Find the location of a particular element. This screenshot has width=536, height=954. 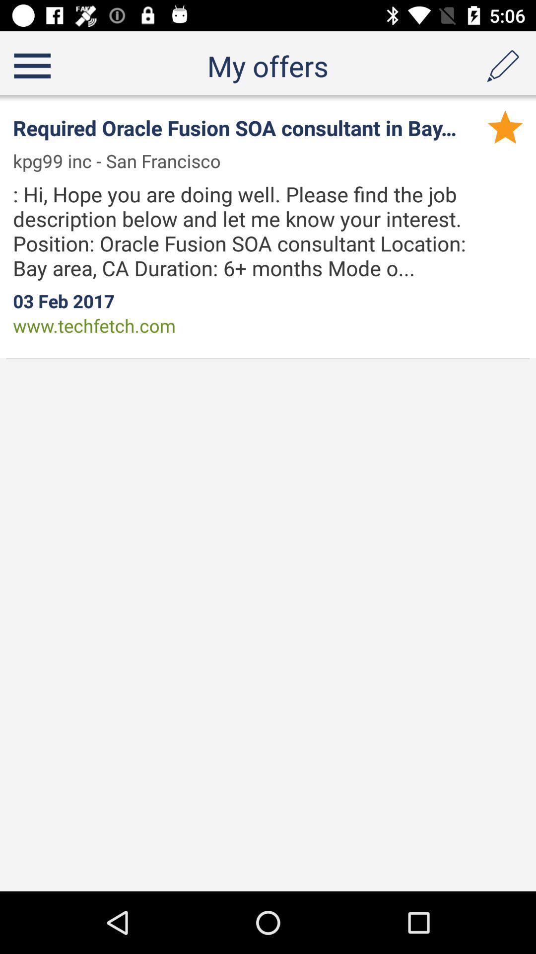

hi hope you item is located at coordinates (258, 231).